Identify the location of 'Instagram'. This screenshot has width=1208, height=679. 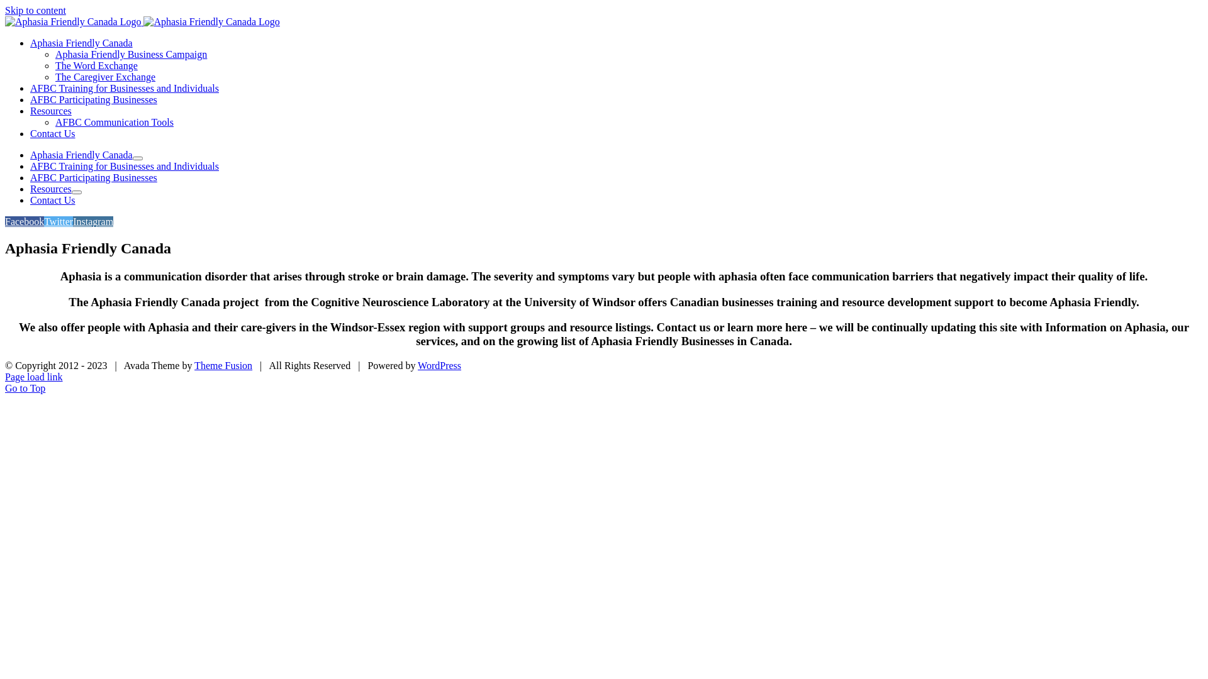
(92, 221).